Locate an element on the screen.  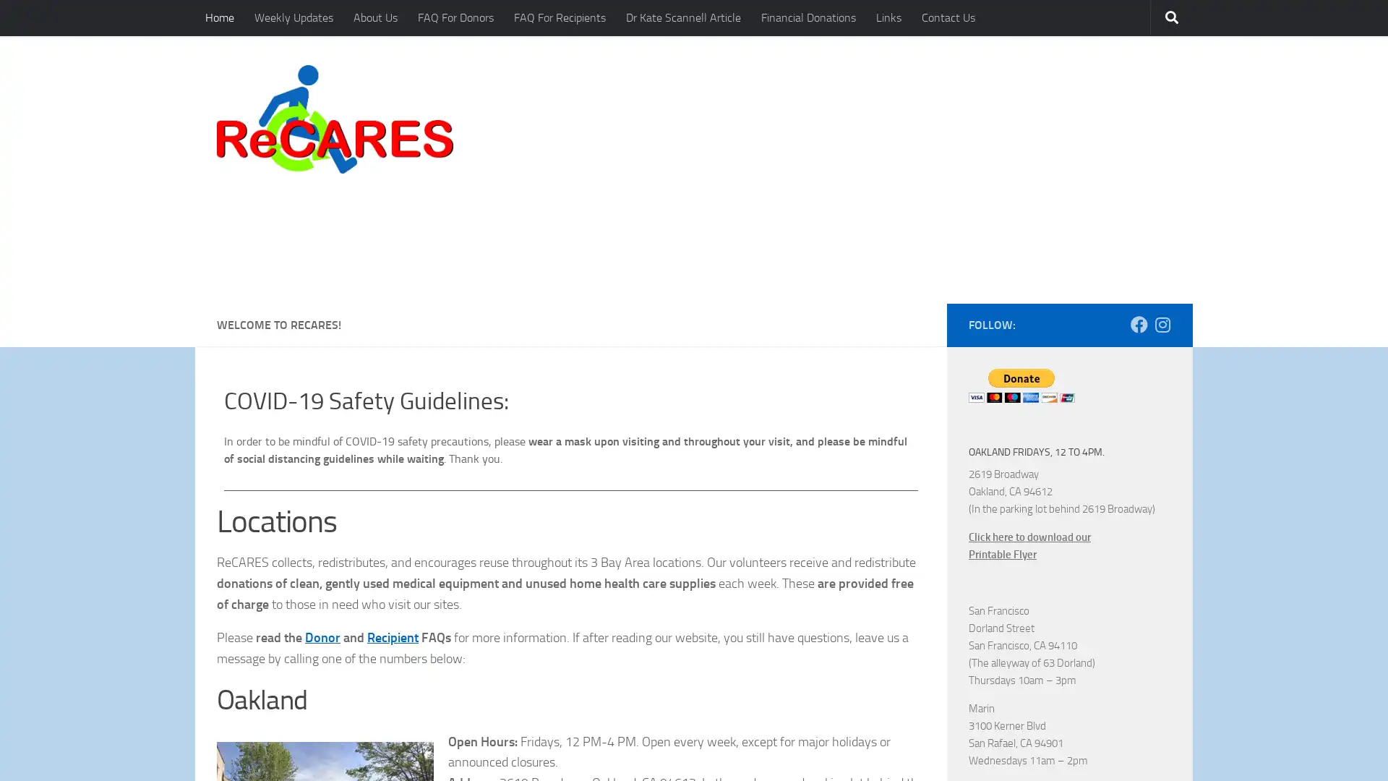
Donate with PayPal button is located at coordinates (1021, 283).